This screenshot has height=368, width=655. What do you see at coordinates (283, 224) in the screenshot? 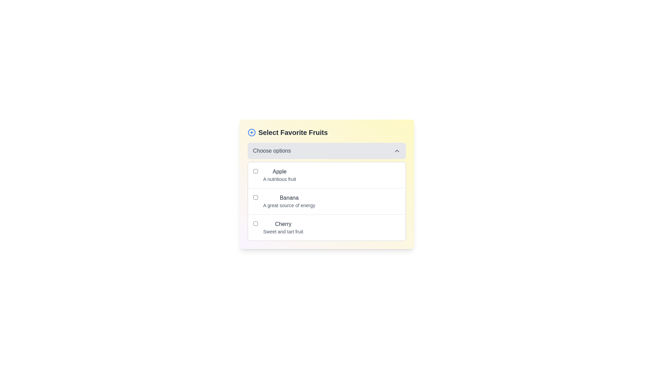
I see `the 'Cherry' text label displayed in a medium-weight font and neutral gray color within the dropdown menu labeled 'Select Favorite Fruits'` at bounding box center [283, 224].